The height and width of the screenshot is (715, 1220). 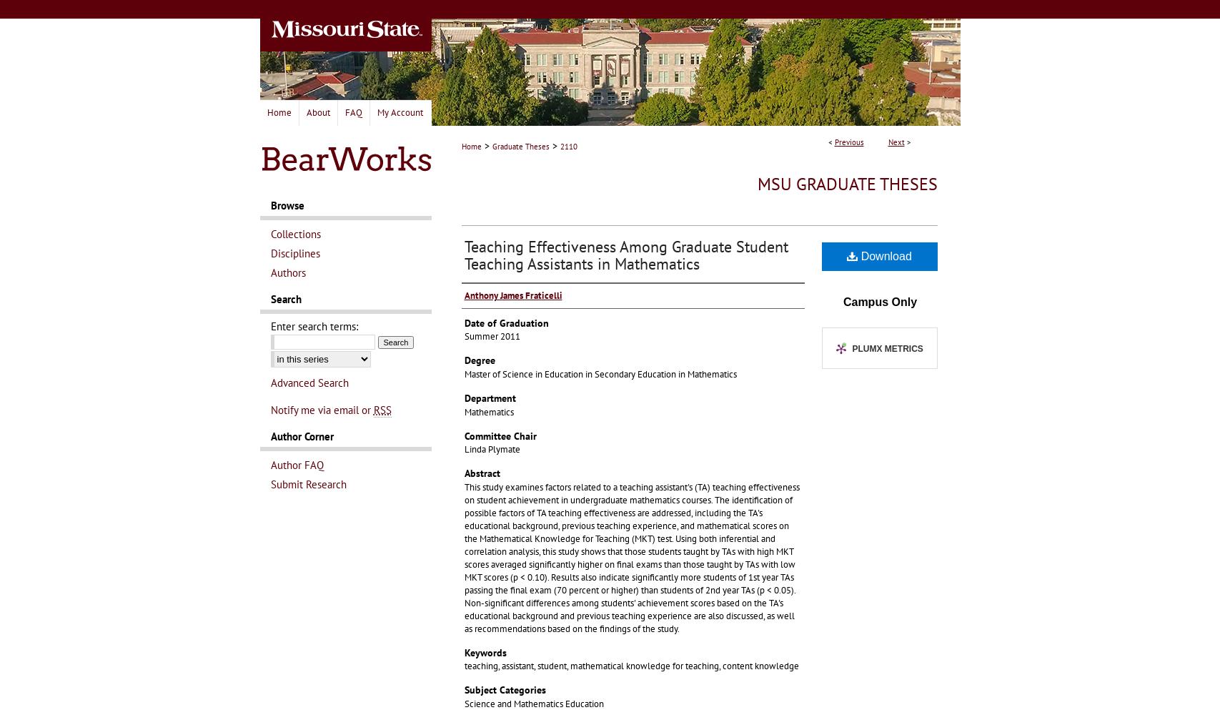 I want to click on 'RSS', so click(x=382, y=409).